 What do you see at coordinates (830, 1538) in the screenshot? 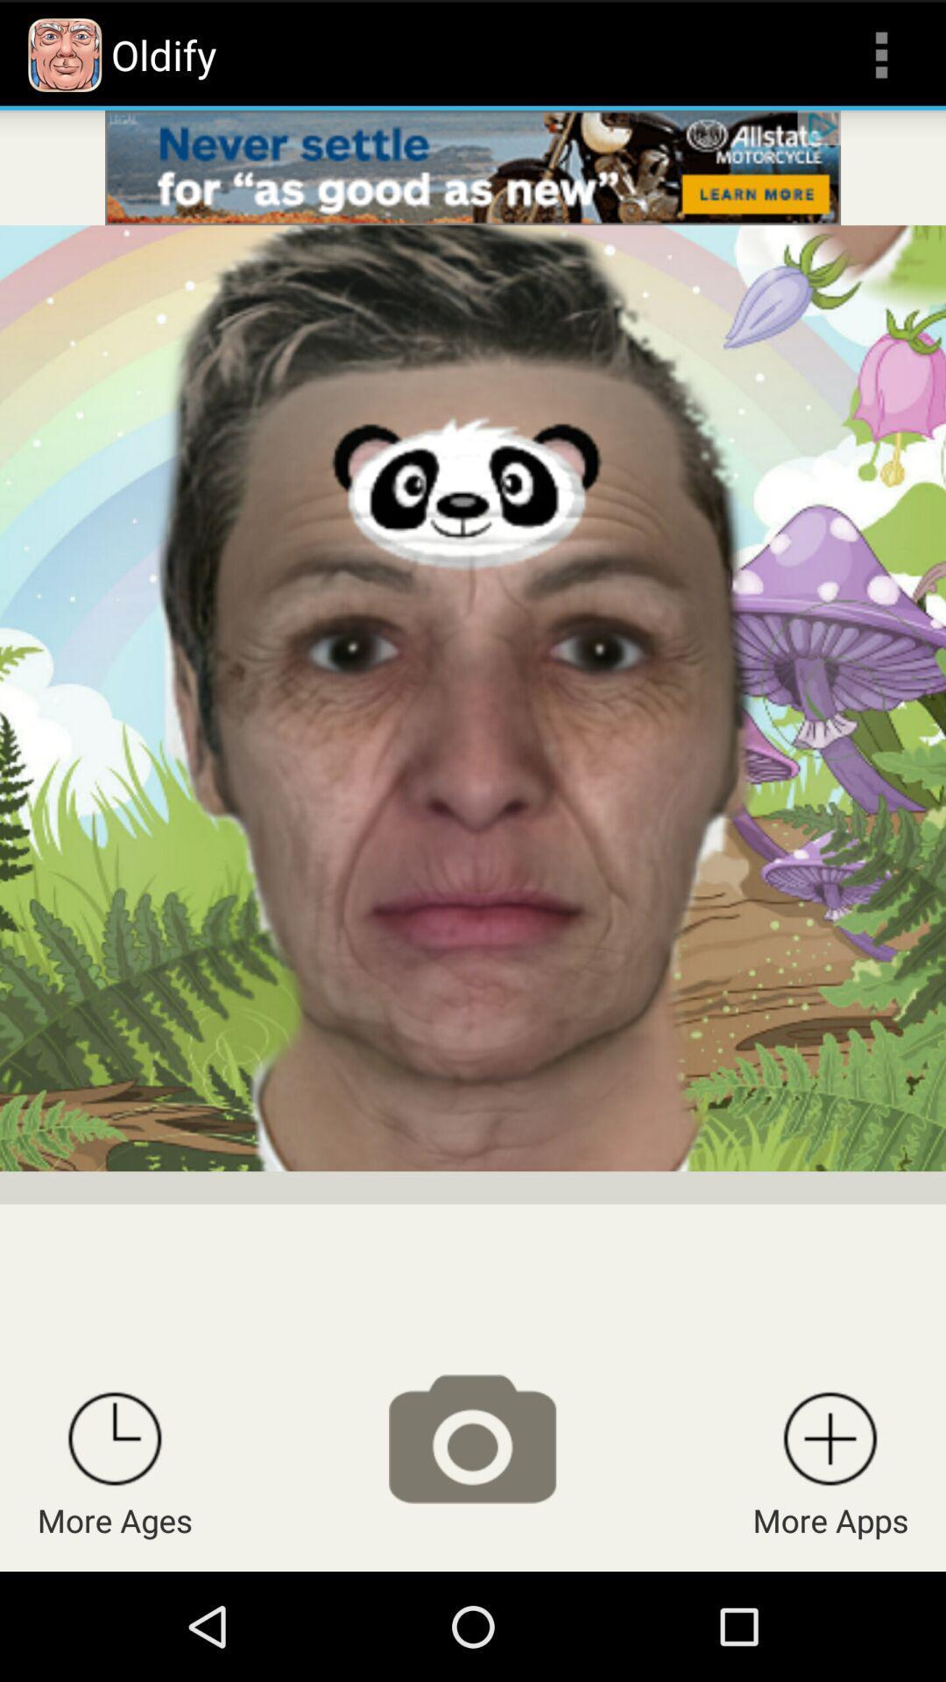
I see `the add icon` at bounding box center [830, 1538].